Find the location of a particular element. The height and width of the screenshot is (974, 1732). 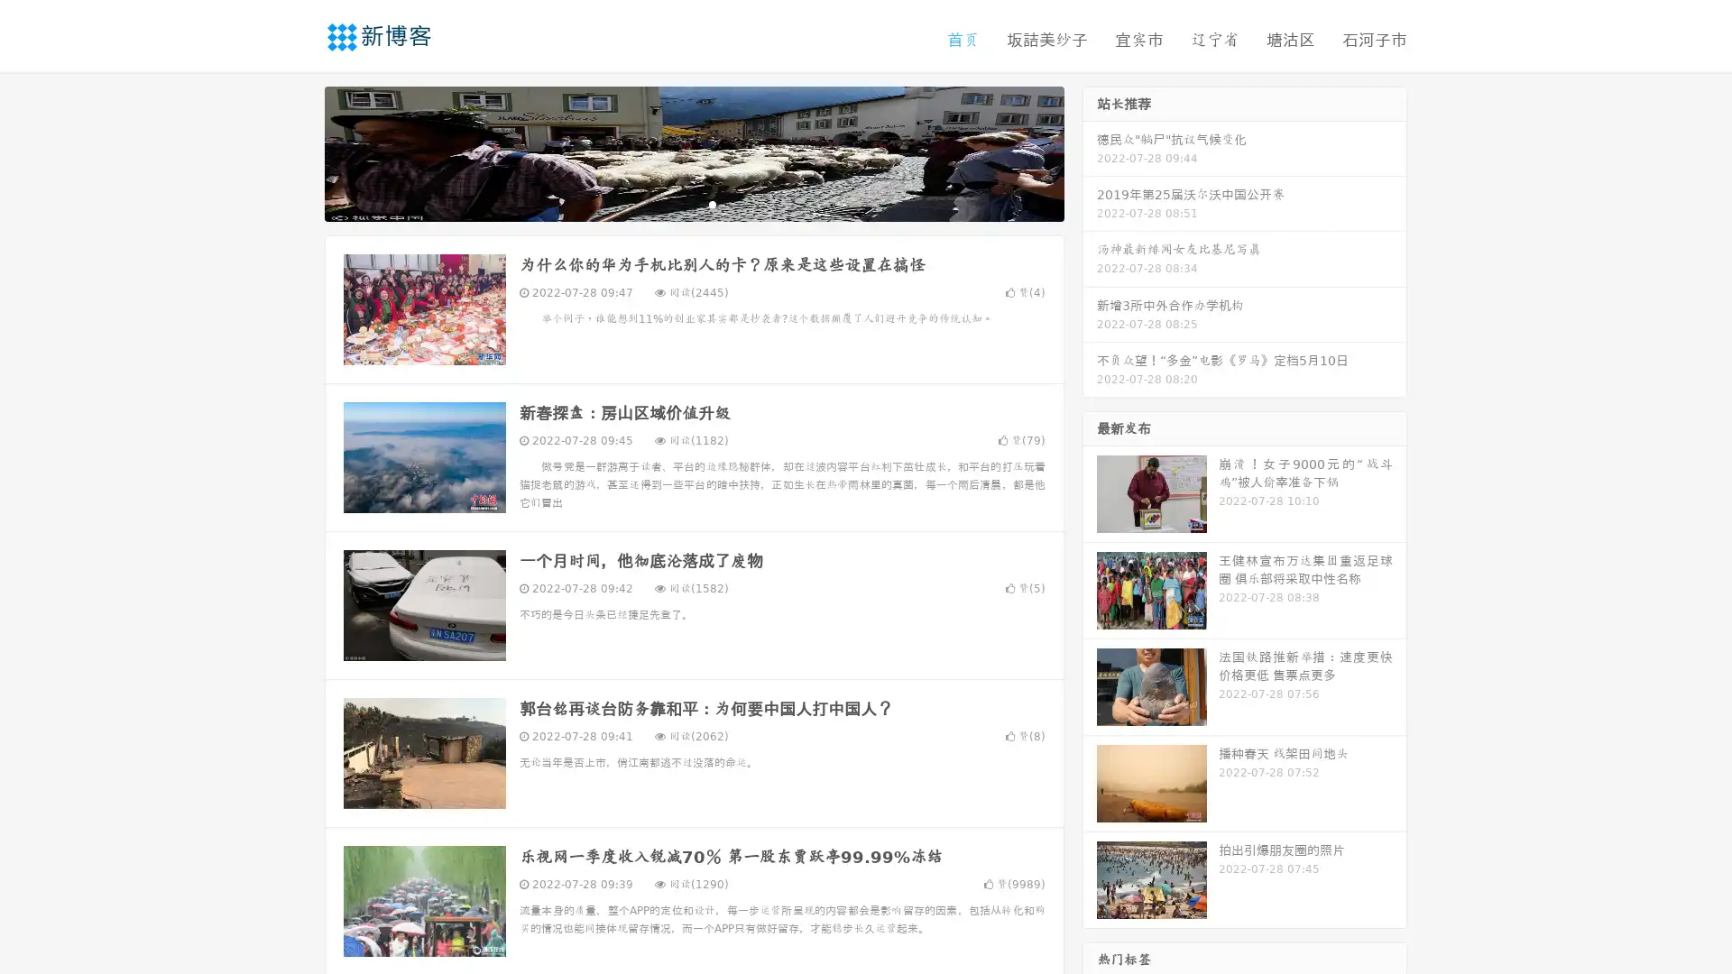

Go to slide 1 is located at coordinates (675, 203).